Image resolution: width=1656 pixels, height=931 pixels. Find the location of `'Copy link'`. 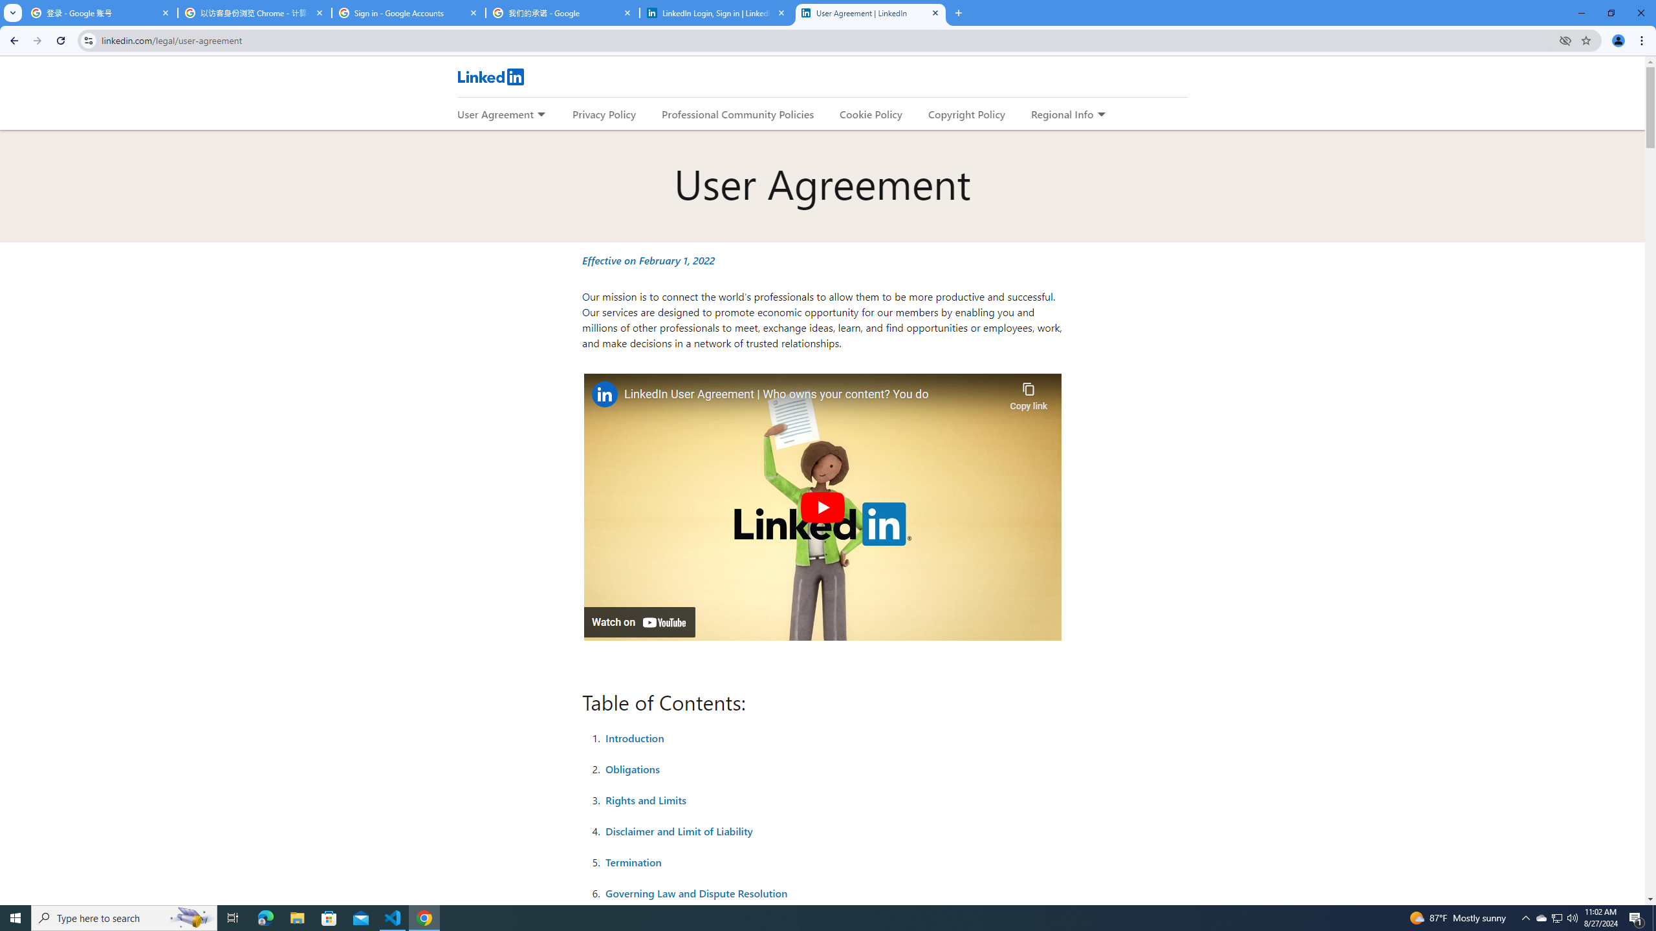

'Copy link' is located at coordinates (1028, 393).